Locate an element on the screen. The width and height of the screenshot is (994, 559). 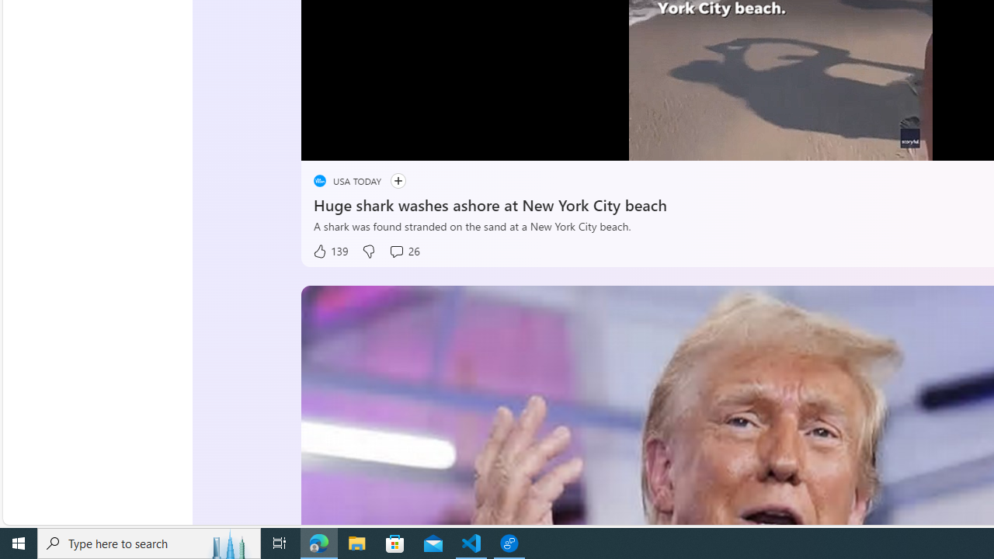
'placeholder USA TODAY' is located at coordinates (347, 180).